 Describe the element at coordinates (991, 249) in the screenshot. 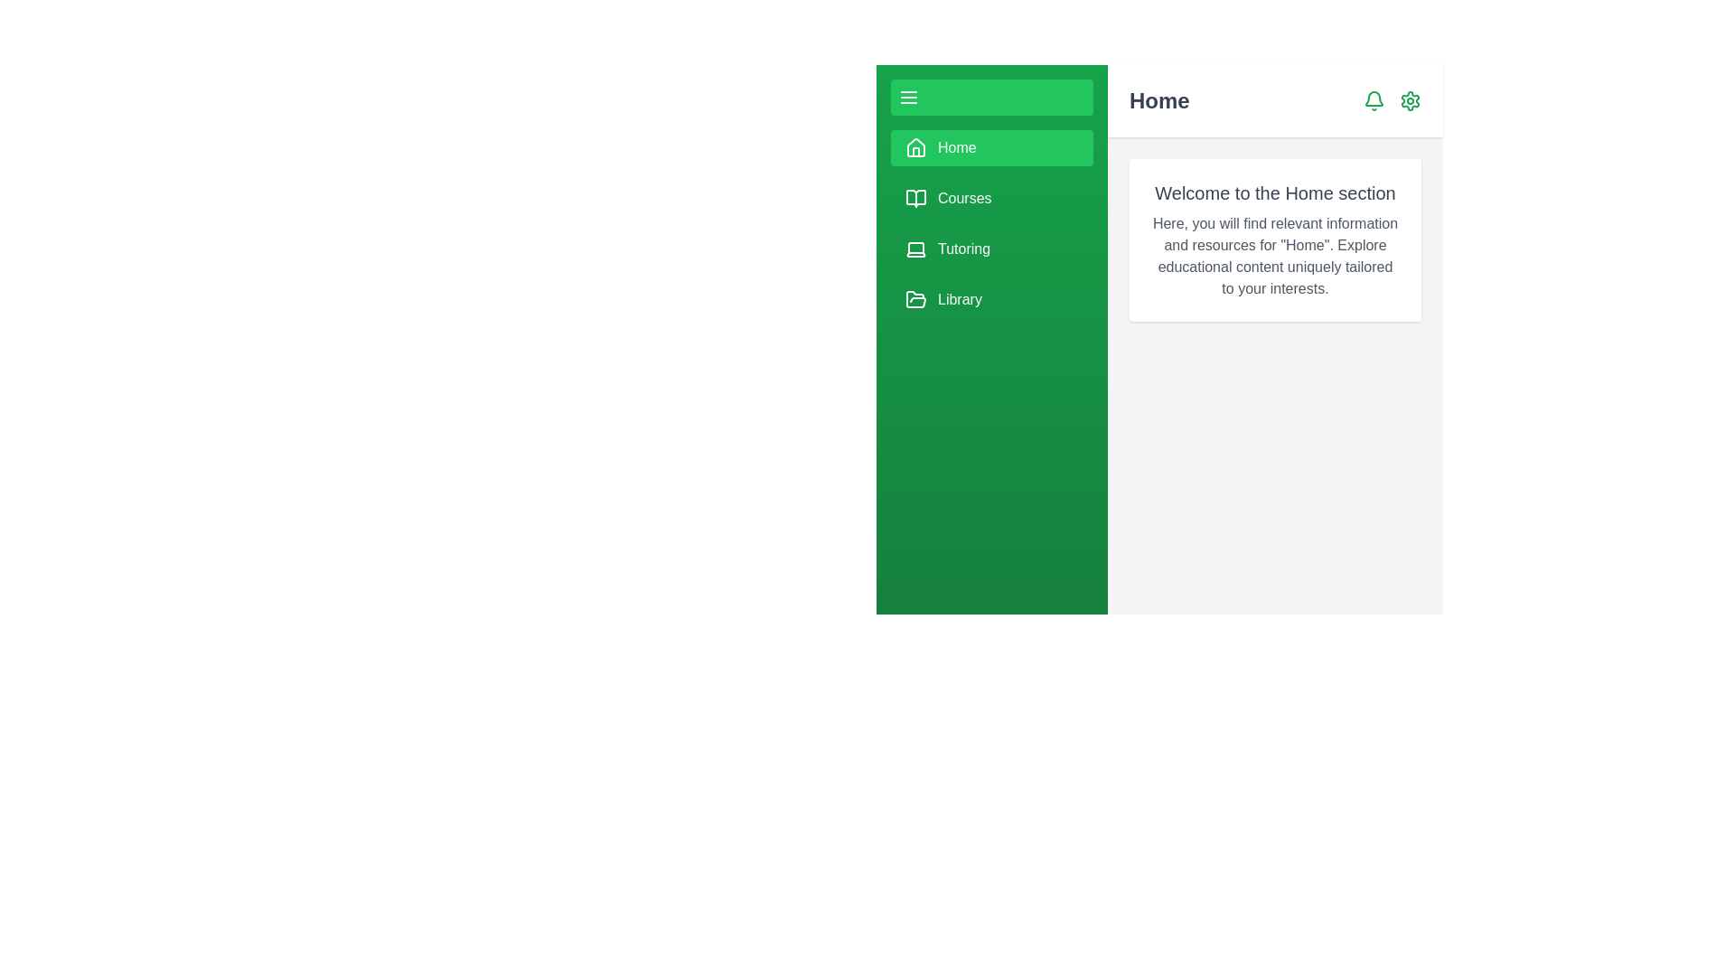

I see `the 'Tutoring' navigation button located in the left sidebar, which is the third item below 'Home' and 'Courses'` at that location.